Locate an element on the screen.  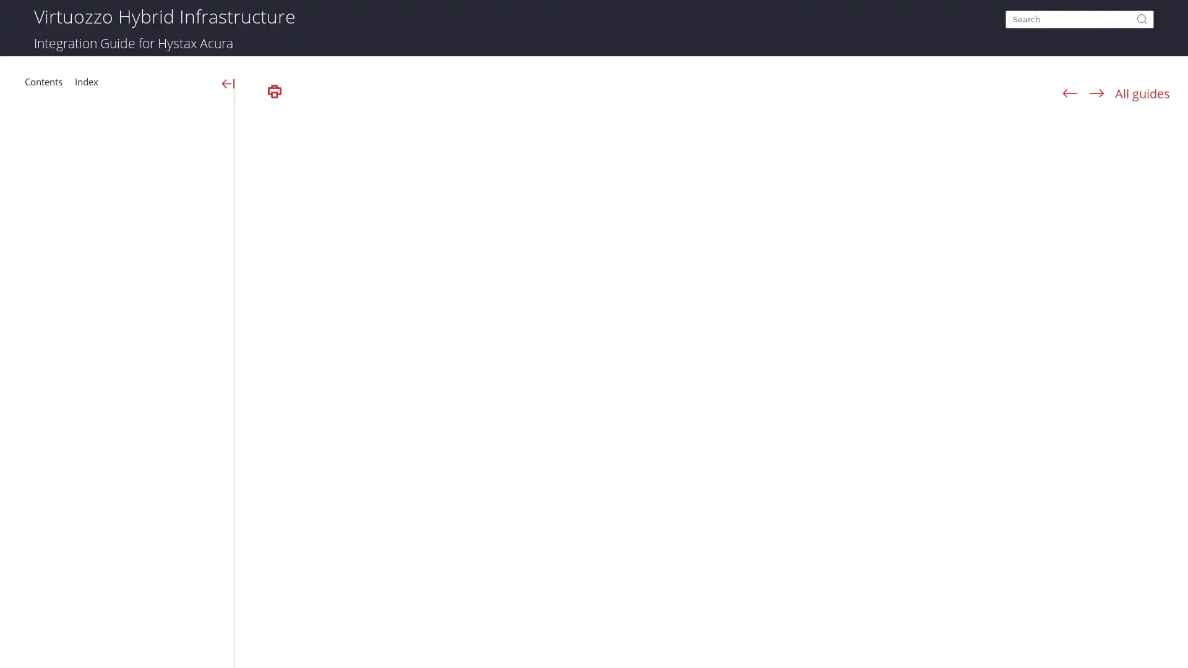
Print is located at coordinates (274, 91).